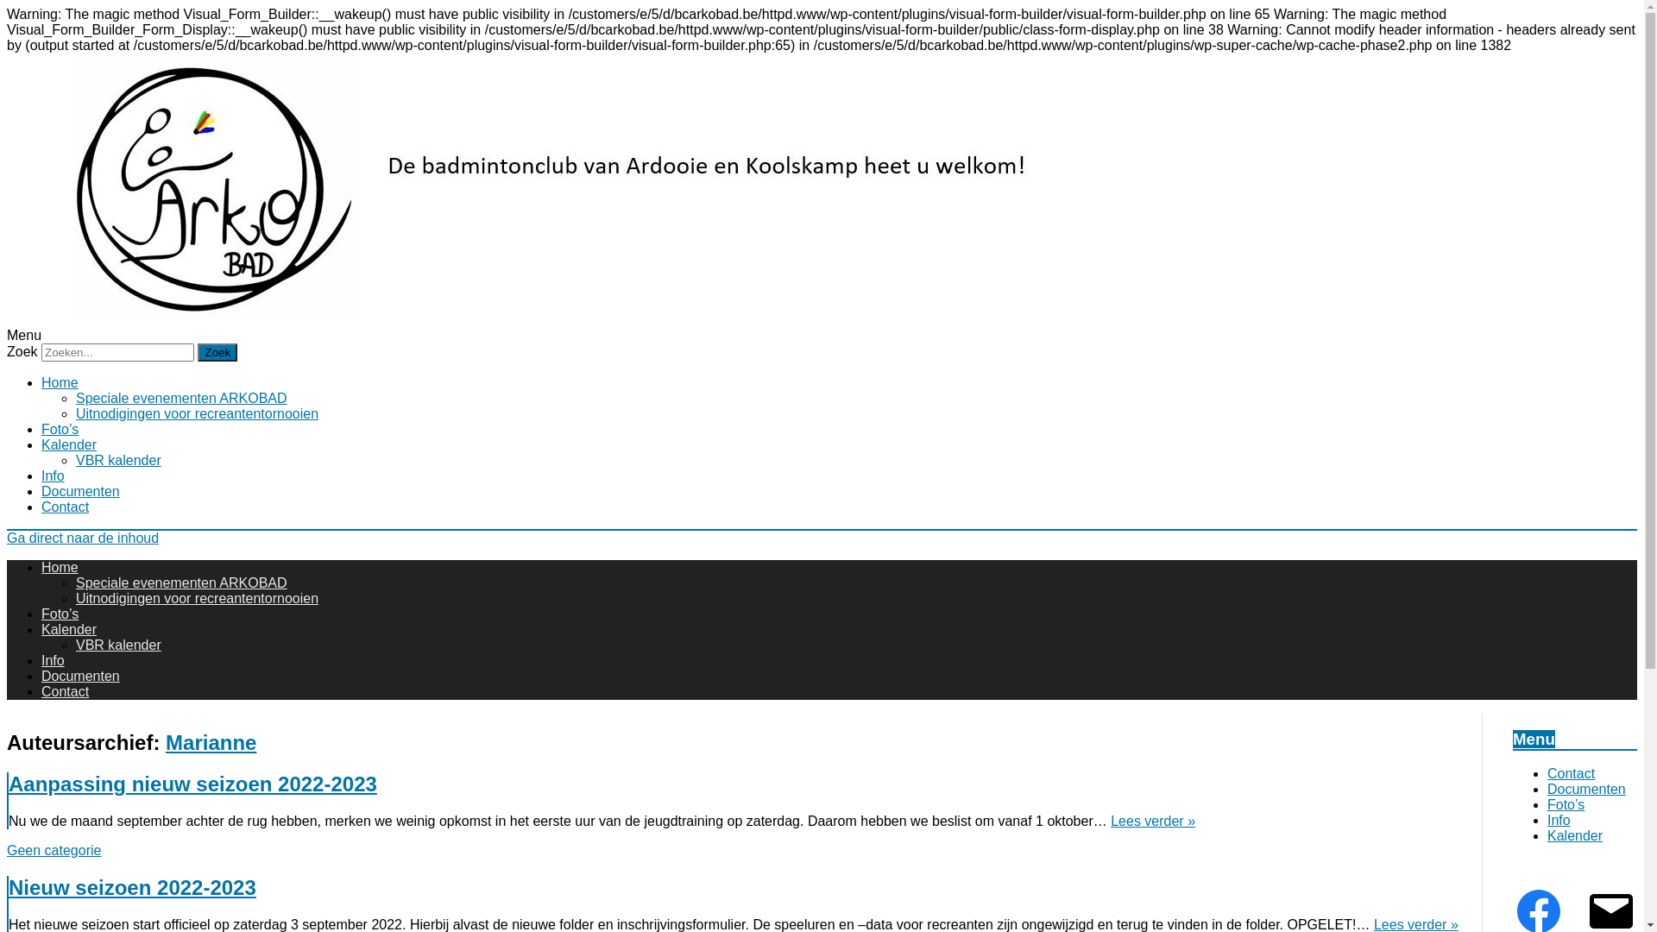 Image resolution: width=1657 pixels, height=932 pixels. I want to click on 'VBR kalender', so click(117, 645).